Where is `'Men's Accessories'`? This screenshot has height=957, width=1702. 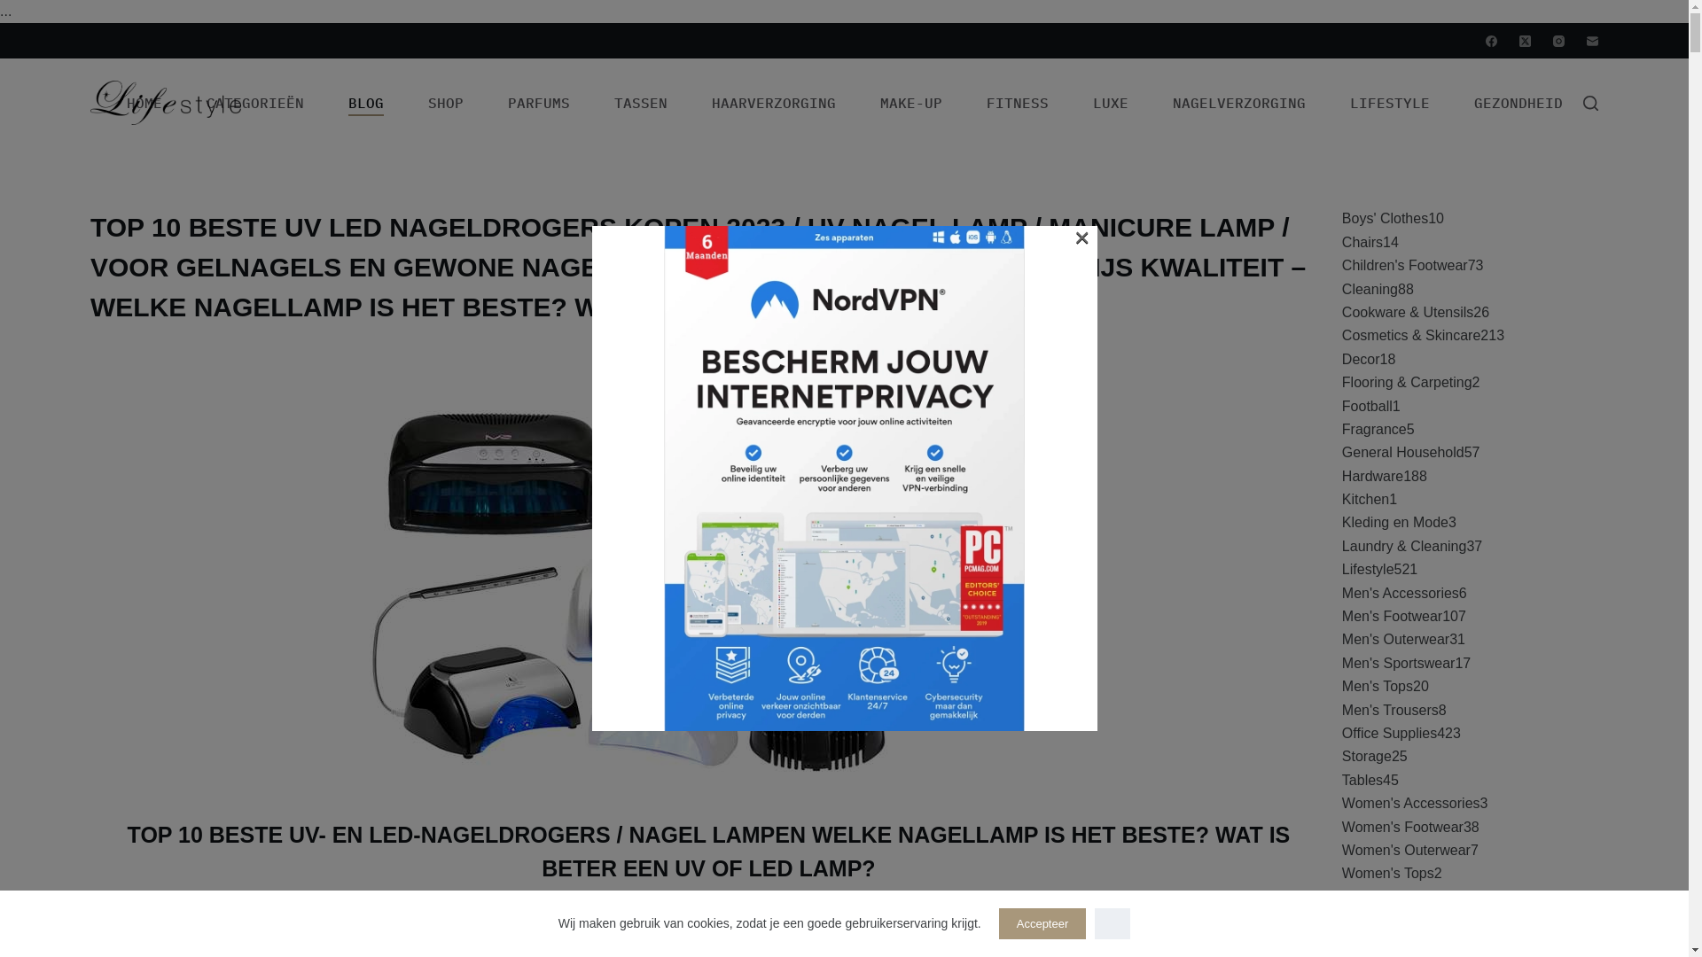 'Men's Accessories' is located at coordinates (1399, 593).